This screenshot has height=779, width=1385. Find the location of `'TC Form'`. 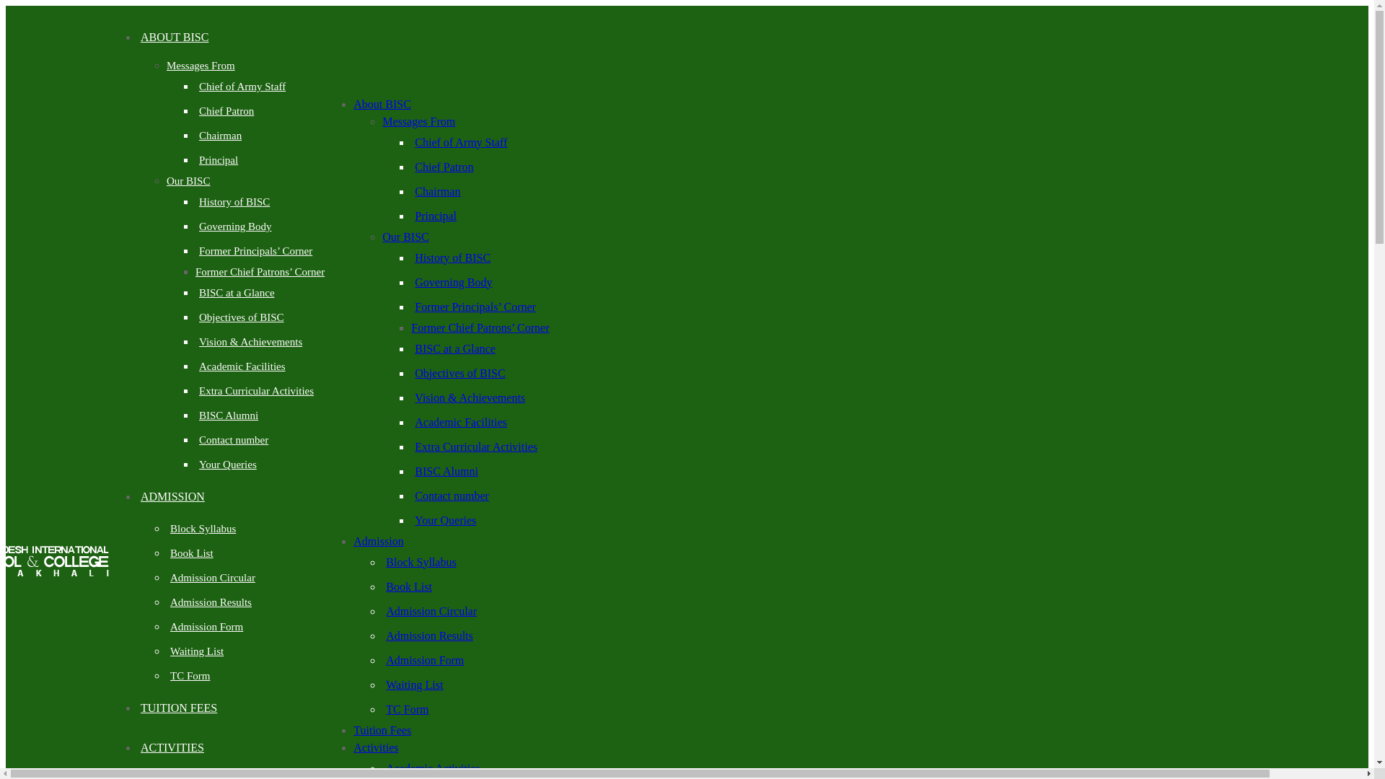

'TC Form' is located at coordinates (189, 676).